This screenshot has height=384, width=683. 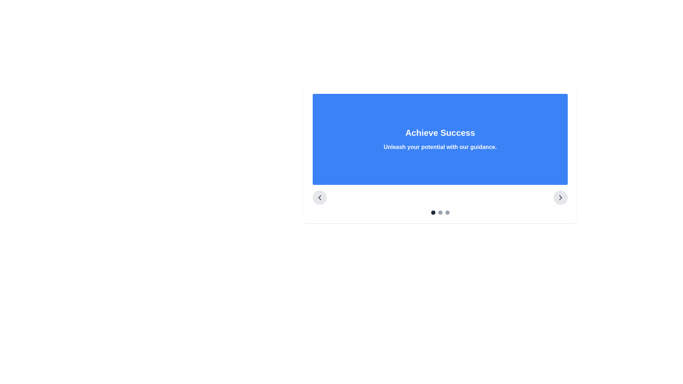 What do you see at coordinates (560, 197) in the screenshot?
I see `the navigation button located in the bottom-right corner of the card component, which is used to move forward through a sequence of items or slides` at bounding box center [560, 197].